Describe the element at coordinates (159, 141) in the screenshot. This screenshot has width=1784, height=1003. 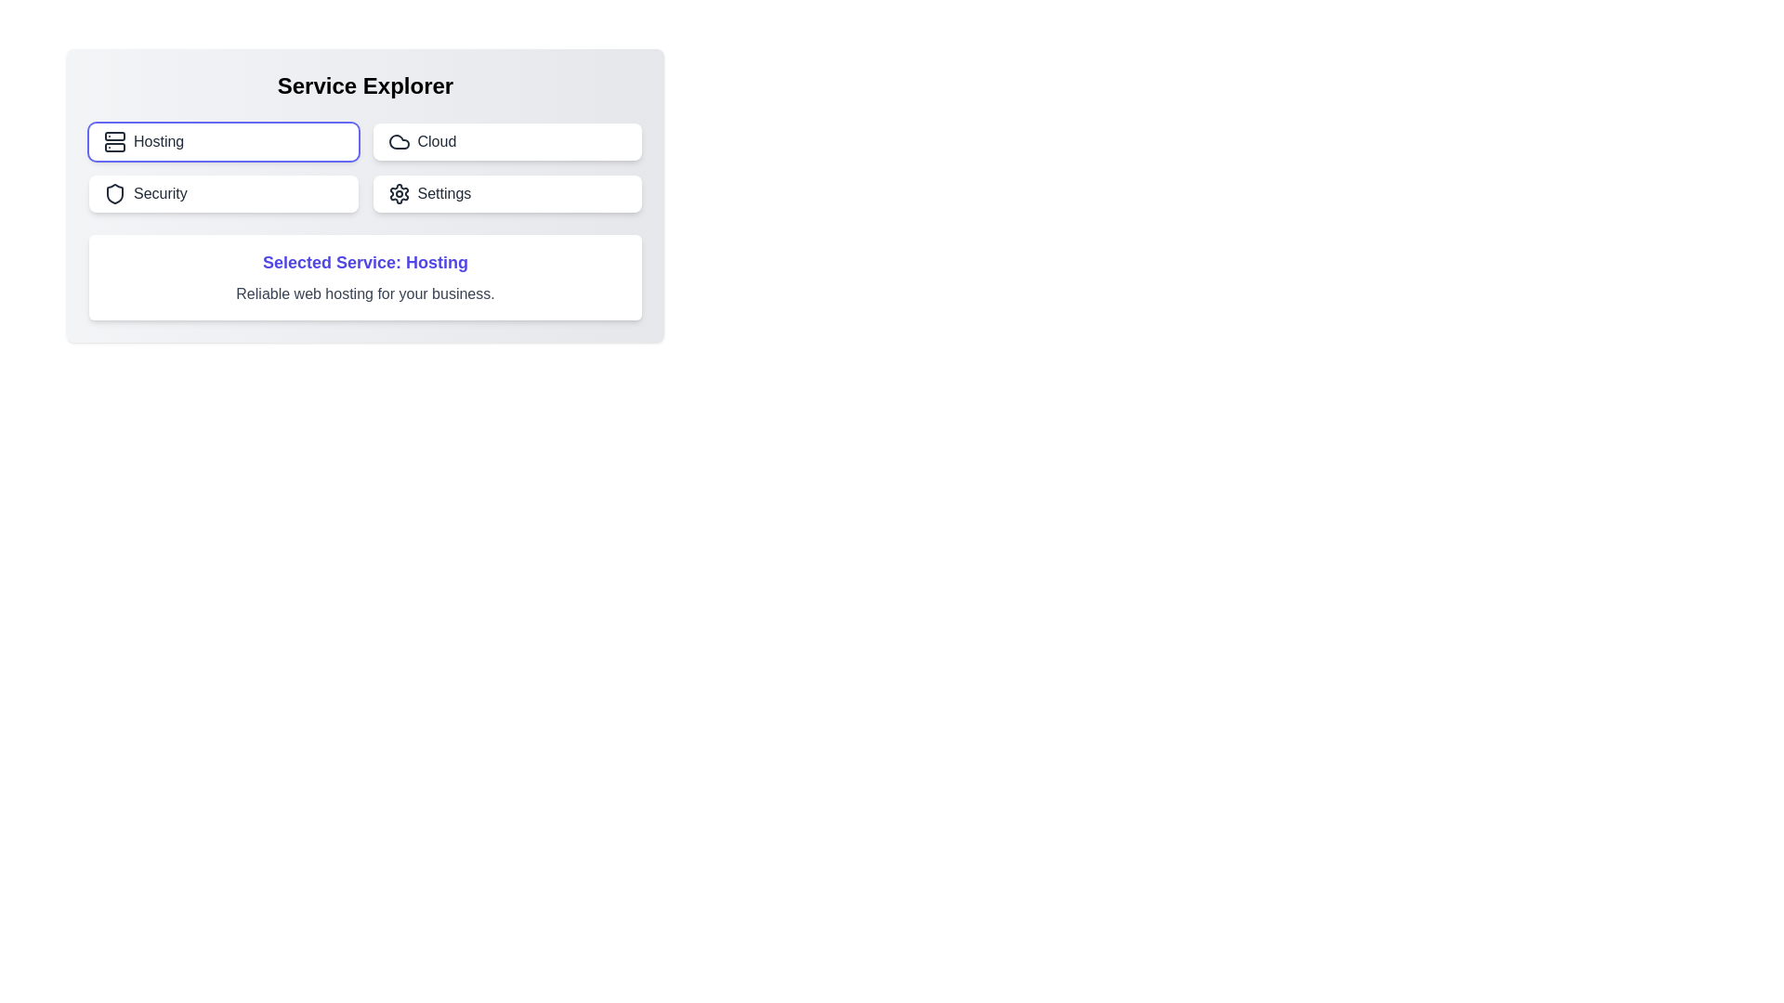
I see `the 'Hosting' text label within the button, which is styled with a medium font weight and located to the right of a server icon in a rounded rectangle` at that location.